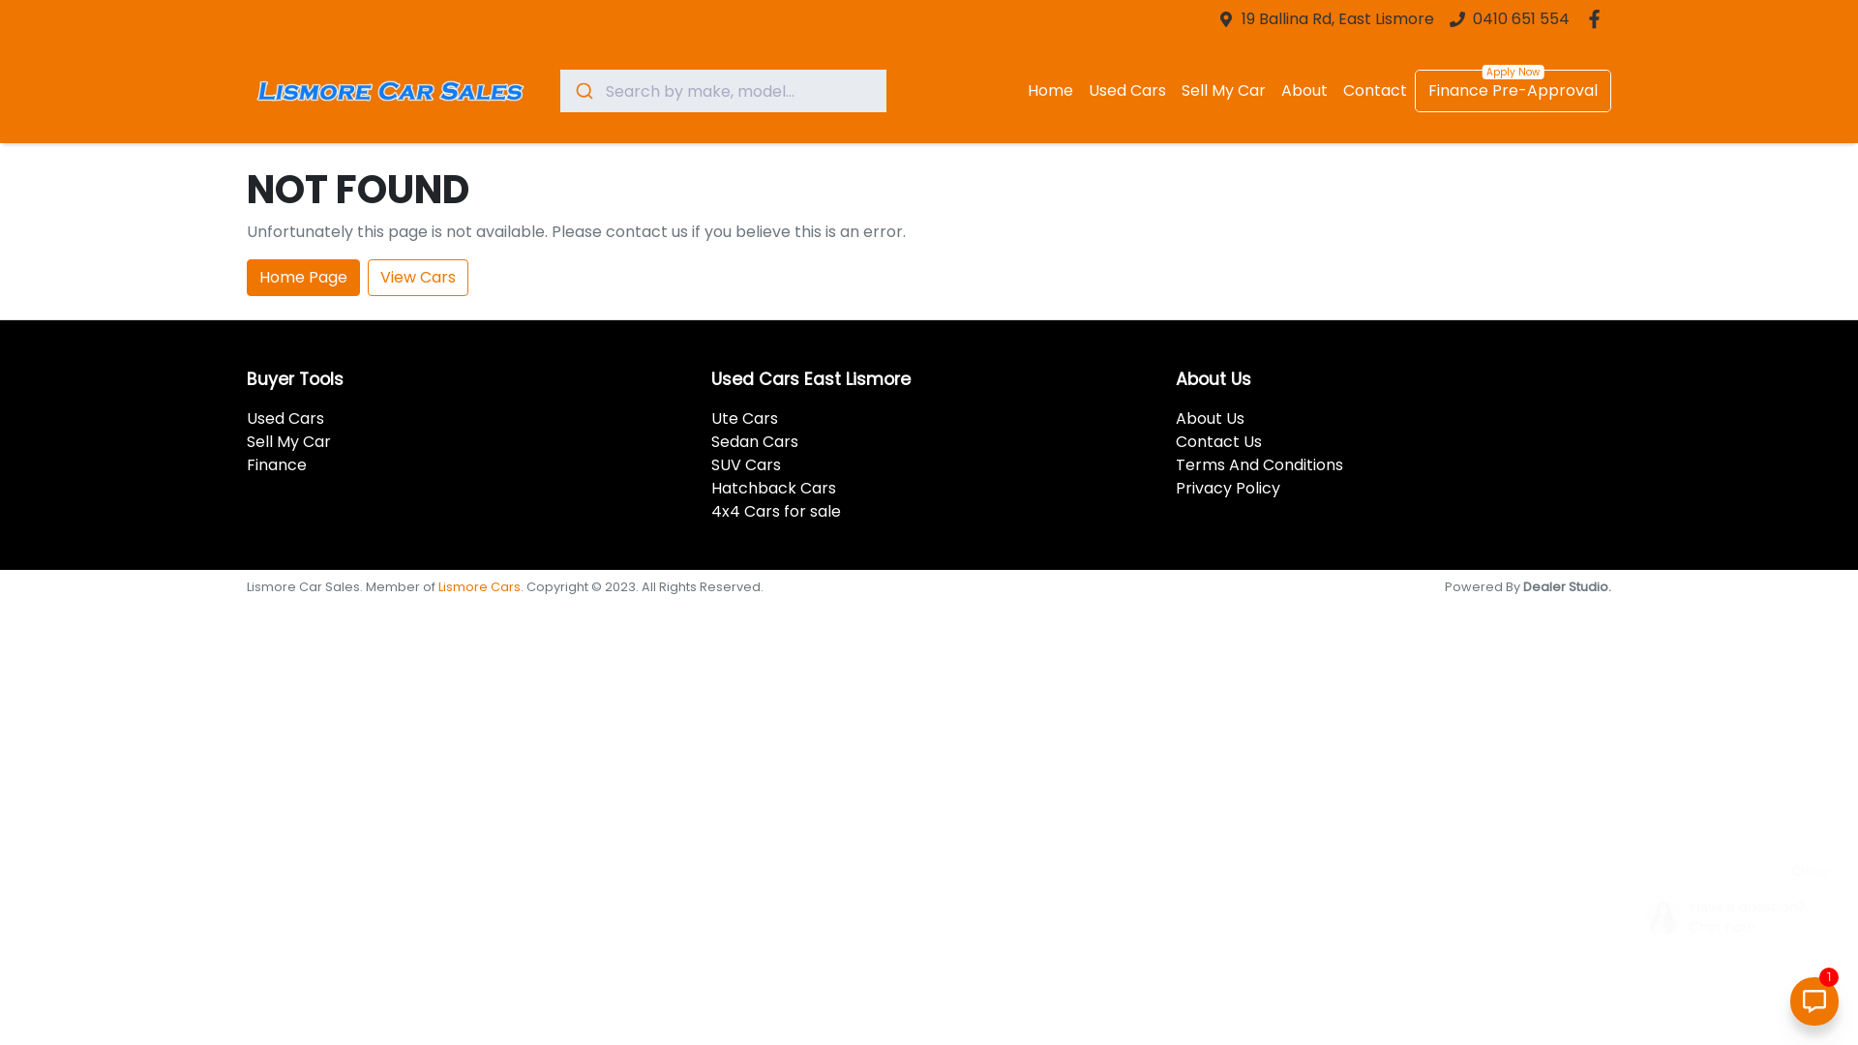 This screenshot has width=1858, height=1045. I want to click on 'Sell My Car', so click(1222, 90).